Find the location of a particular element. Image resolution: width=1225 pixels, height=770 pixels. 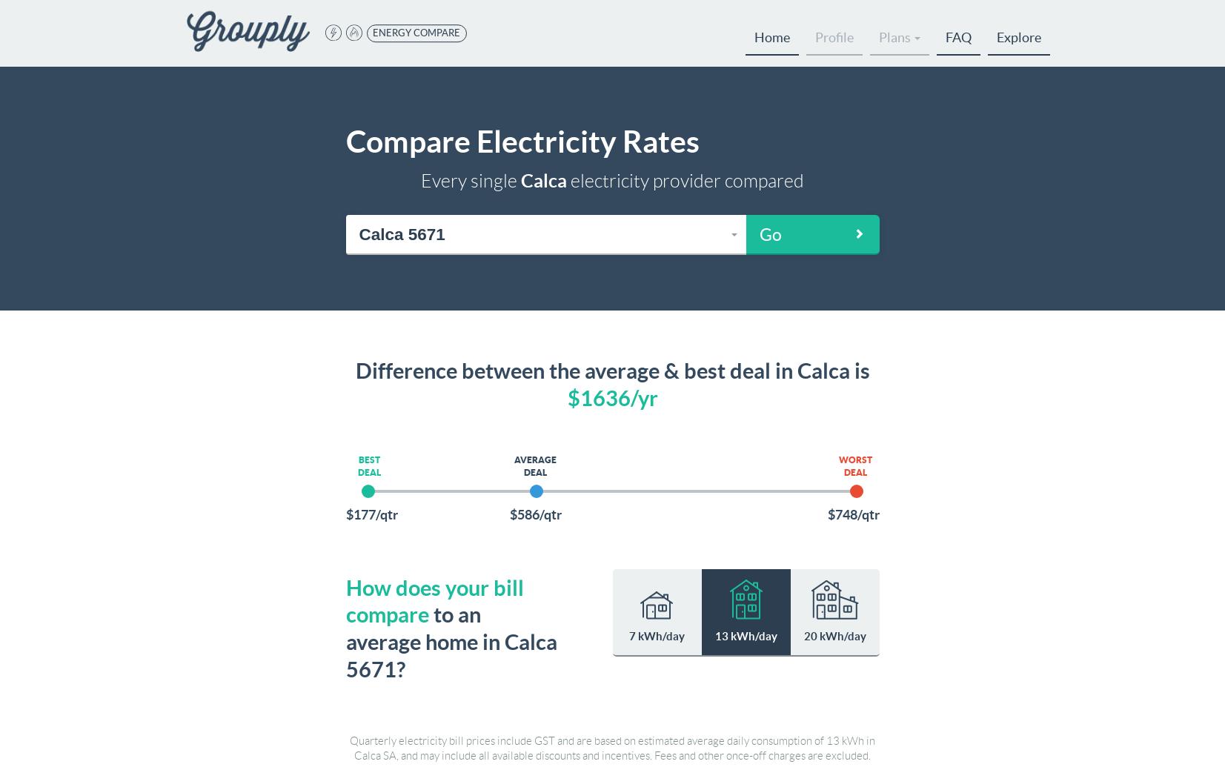

'1636' is located at coordinates (603, 397).